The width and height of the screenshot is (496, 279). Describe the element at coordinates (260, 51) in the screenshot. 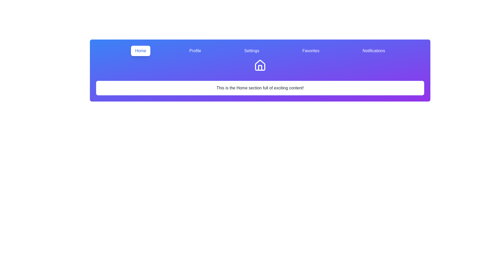

I see `the navigation menu items` at that location.